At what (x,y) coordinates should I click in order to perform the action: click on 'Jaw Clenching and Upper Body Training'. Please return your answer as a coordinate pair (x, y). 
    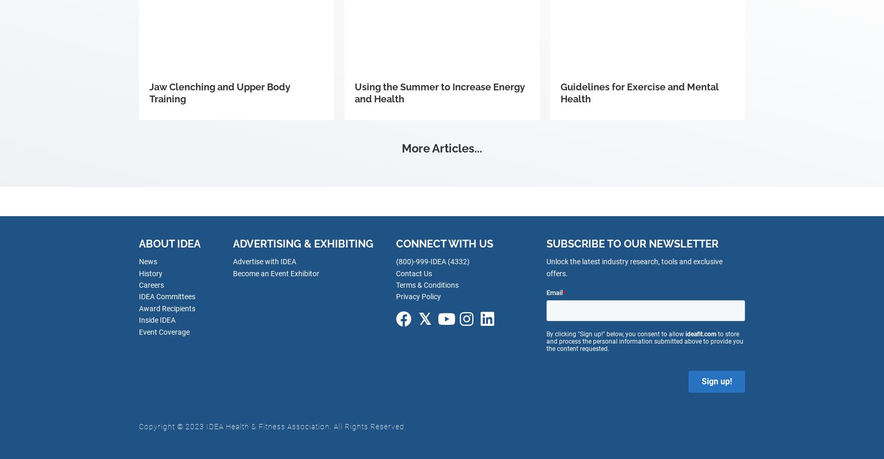
    Looking at the image, I should click on (219, 92).